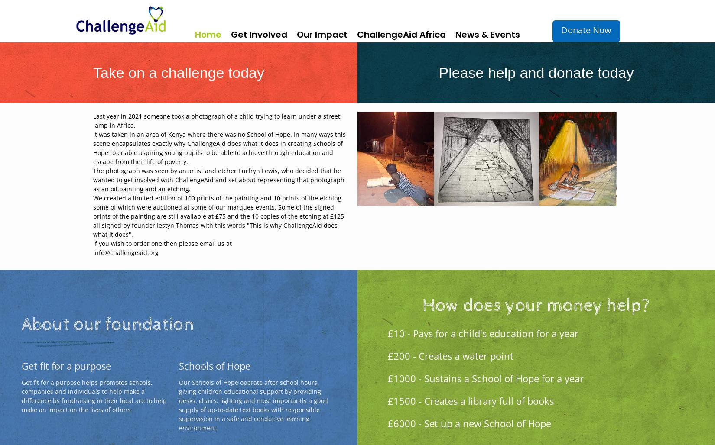 This screenshot has height=445, width=715. Describe the element at coordinates (469, 422) in the screenshot. I see `'£6000 - Set up a new School of Hope'` at that location.